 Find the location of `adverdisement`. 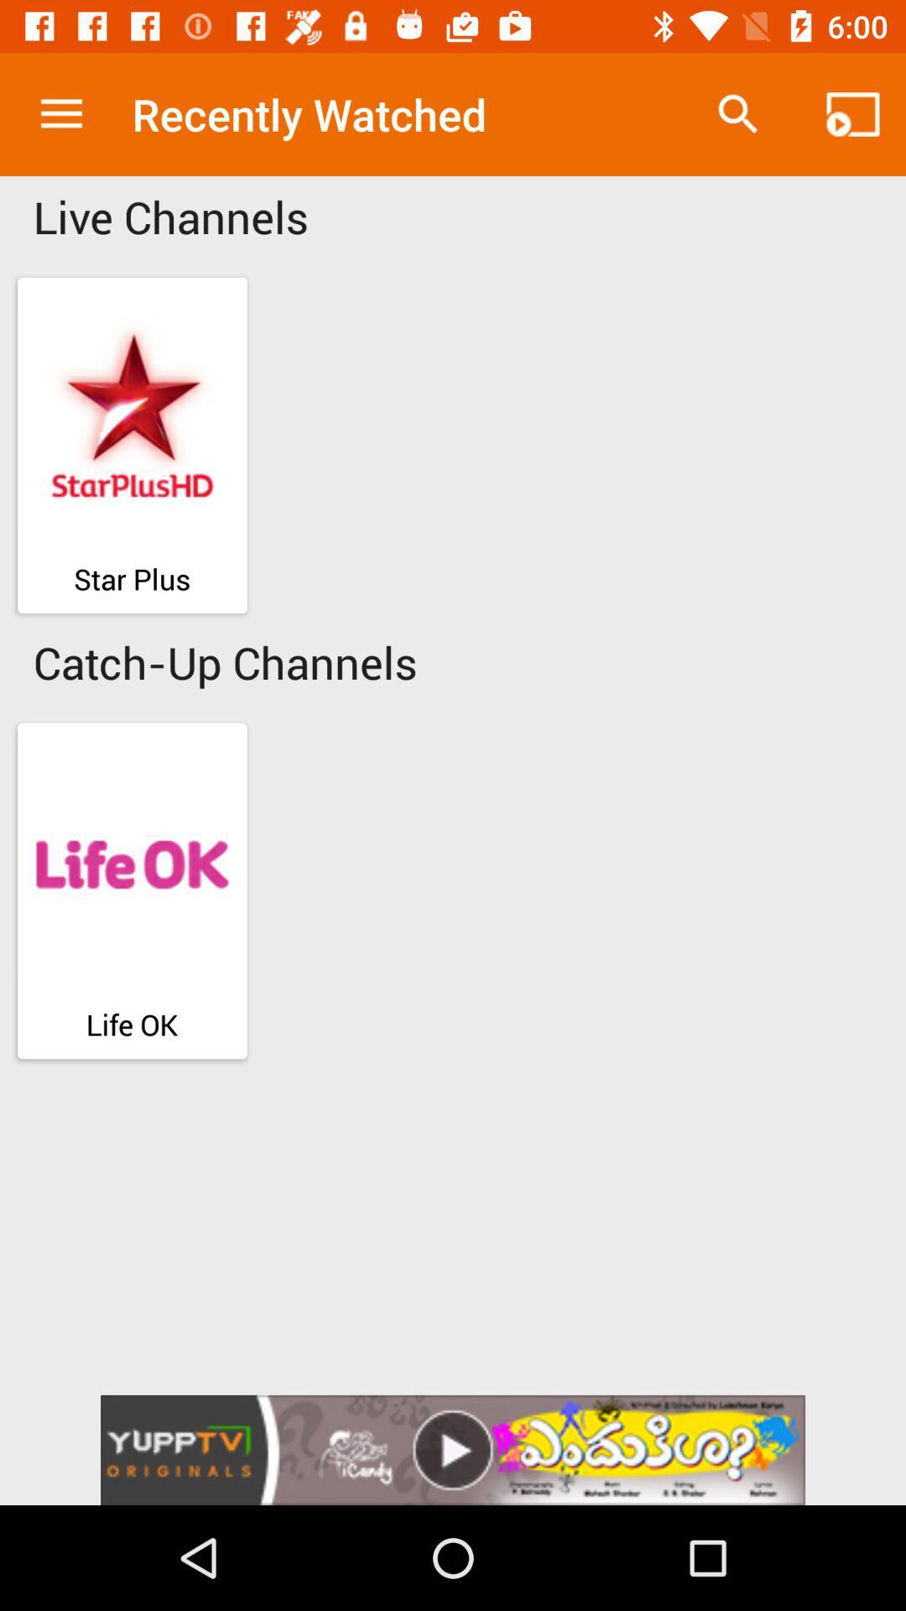

adverdisement is located at coordinates (453, 1449).